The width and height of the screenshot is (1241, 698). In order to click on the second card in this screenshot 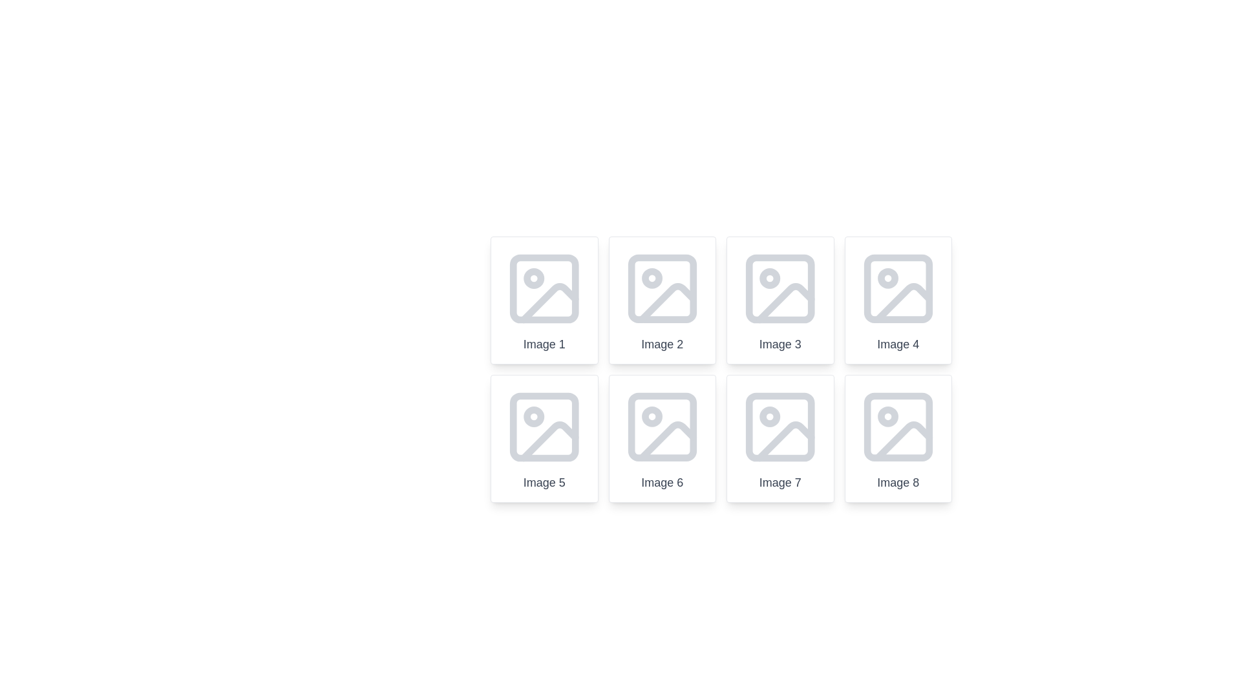, I will do `click(662, 301)`.